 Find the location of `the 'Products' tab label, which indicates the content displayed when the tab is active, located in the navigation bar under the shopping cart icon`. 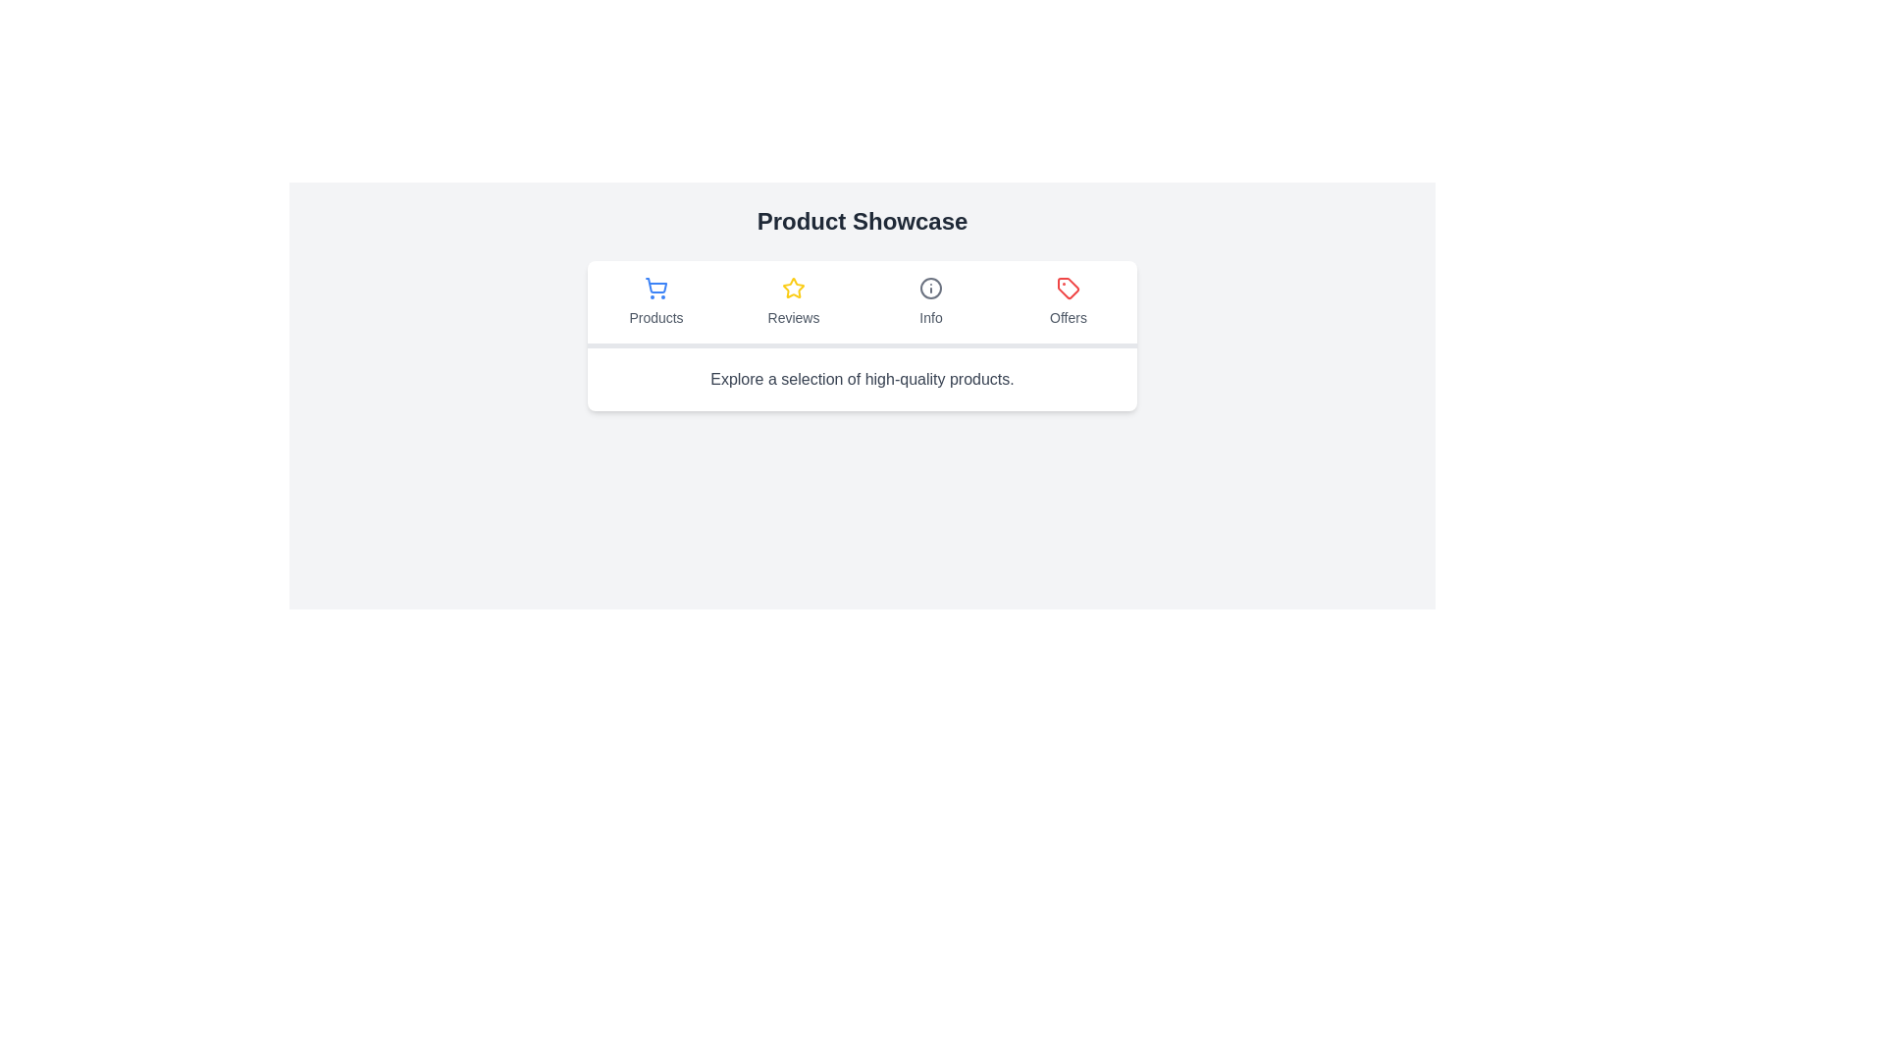

the 'Products' tab label, which indicates the content displayed when the tab is active, located in the navigation bar under the shopping cart icon is located at coordinates (655, 317).